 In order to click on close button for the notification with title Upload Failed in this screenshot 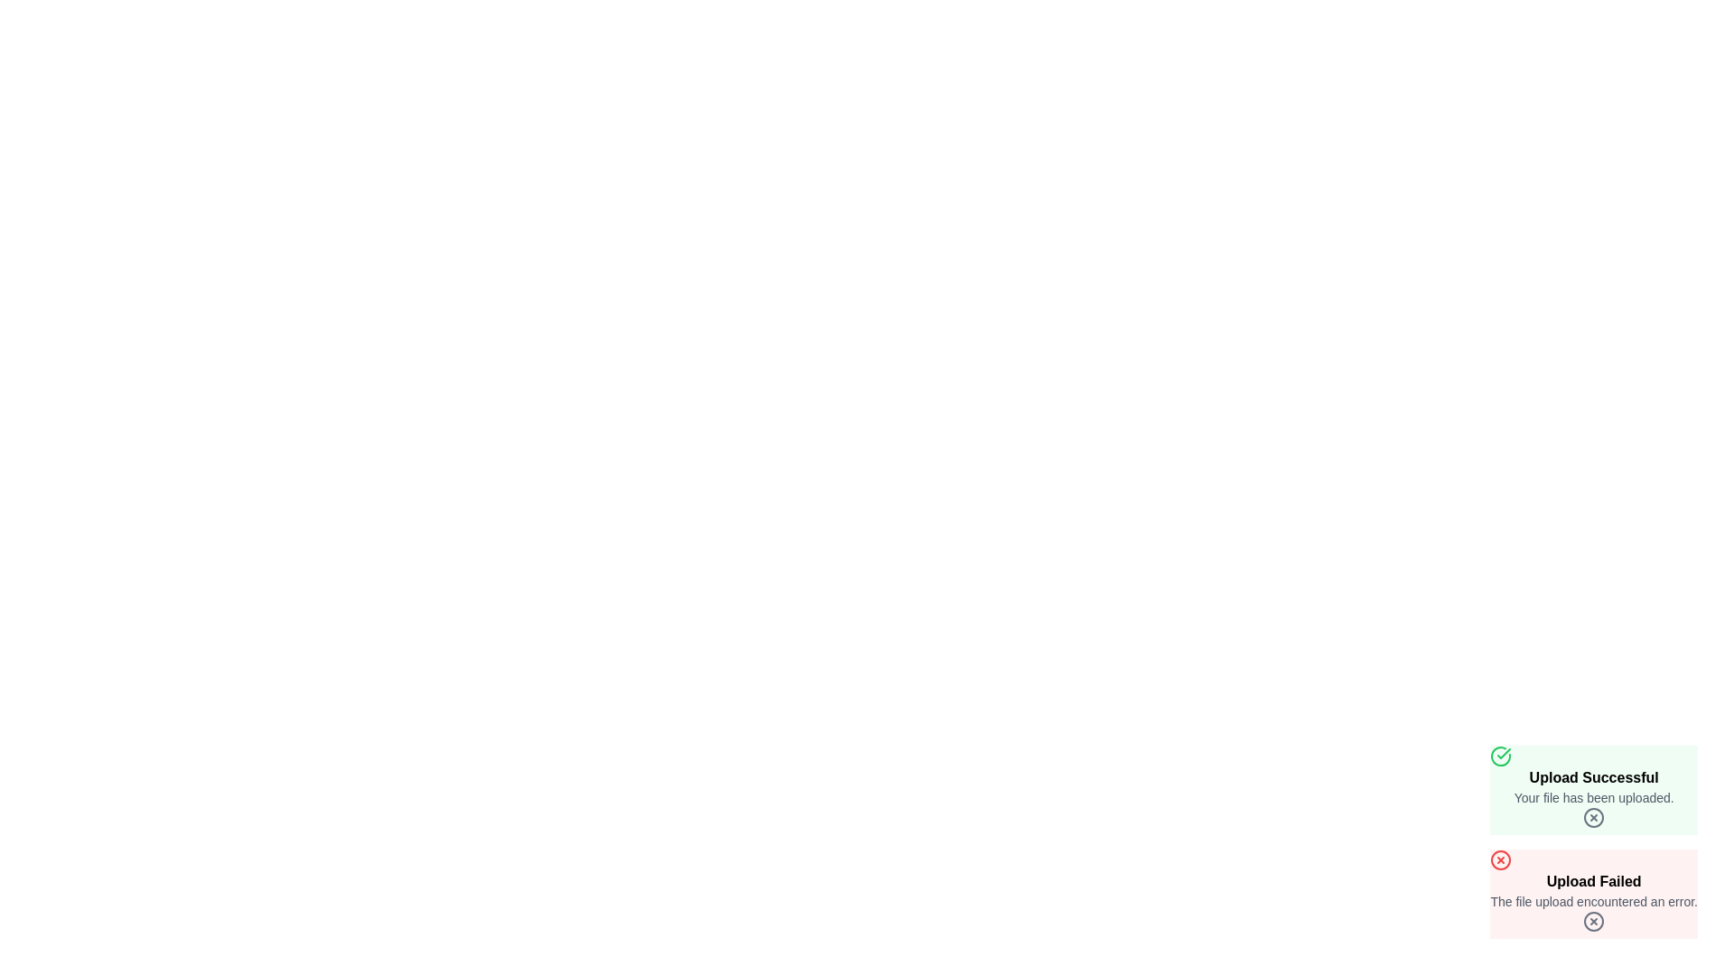, I will do `click(1594, 922)`.